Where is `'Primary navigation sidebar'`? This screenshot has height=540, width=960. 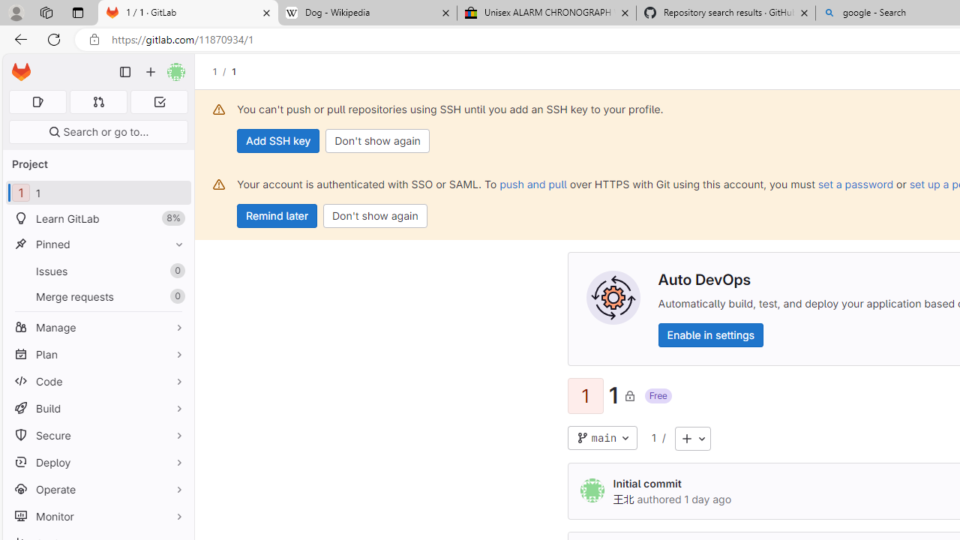 'Primary navigation sidebar' is located at coordinates (125, 72).